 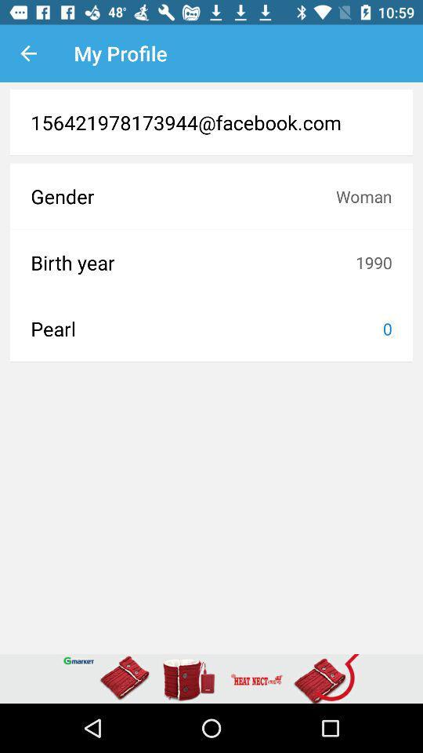 What do you see at coordinates (373, 262) in the screenshot?
I see `icon next to the birth year icon` at bounding box center [373, 262].